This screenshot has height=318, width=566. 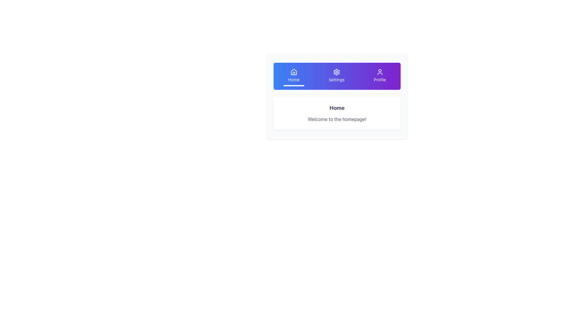 I want to click on the 'Settings' button, which is a purple gradient button with a cogwheel icon above the text, centrally aligned in the navigation bar, so click(x=337, y=76).